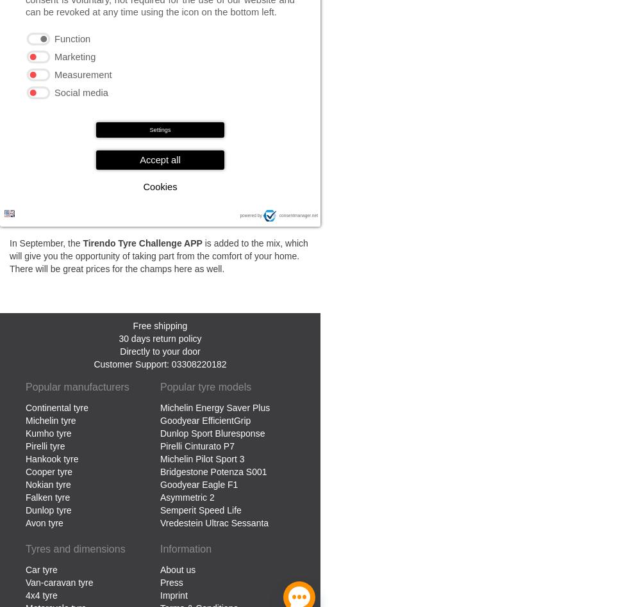  Describe the element at coordinates (240, 125) in the screenshot. I see `'September 22-24'` at that location.